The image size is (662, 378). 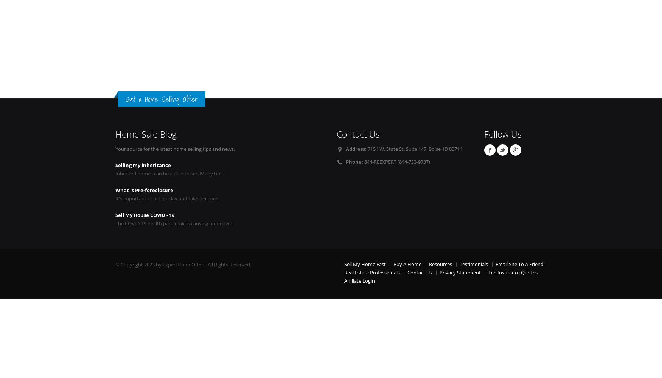 What do you see at coordinates (144, 190) in the screenshot?
I see `'What is Pre-foreclosure'` at bounding box center [144, 190].